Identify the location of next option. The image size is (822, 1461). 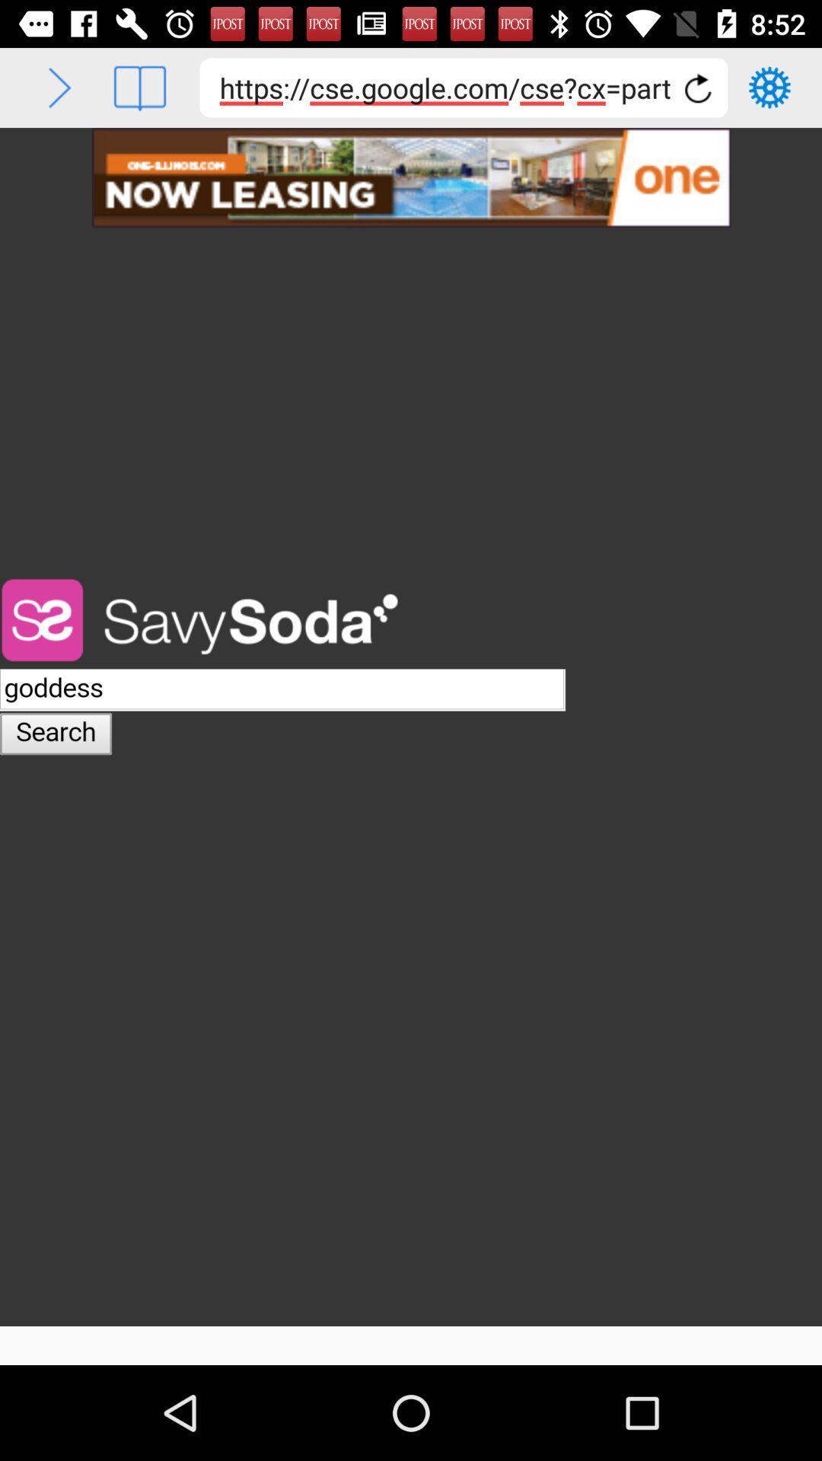
(59, 87).